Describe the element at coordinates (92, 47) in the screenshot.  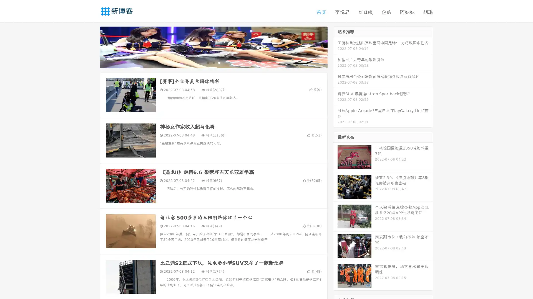
I see `Previous slide` at that location.